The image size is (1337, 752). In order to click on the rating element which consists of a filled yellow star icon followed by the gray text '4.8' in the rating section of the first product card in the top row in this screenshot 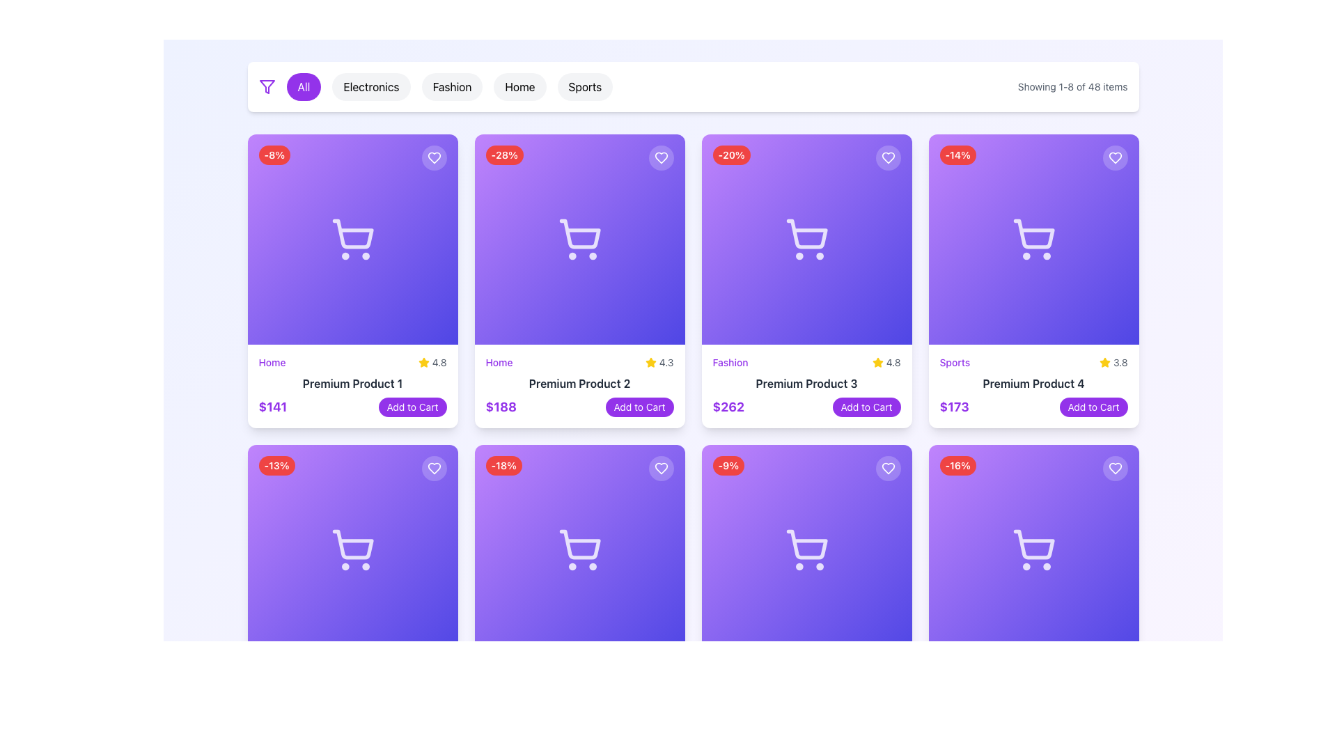, I will do `click(432, 361)`.